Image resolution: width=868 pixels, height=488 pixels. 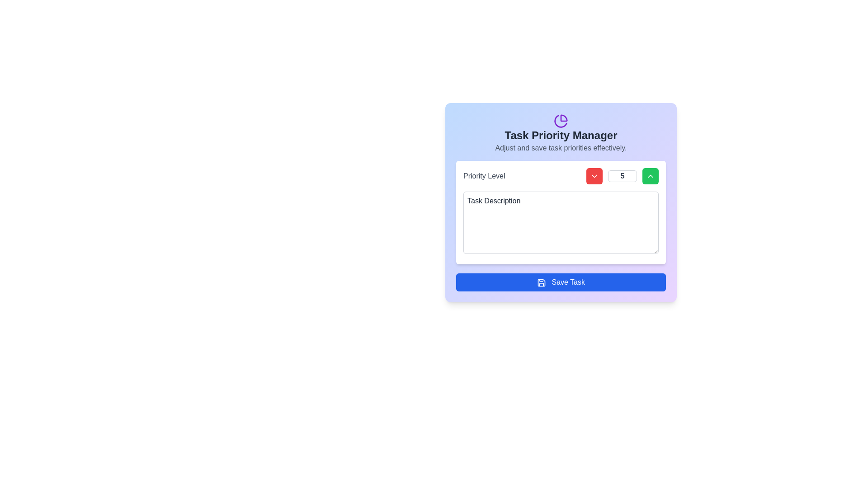 What do you see at coordinates (561, 147) in the screenshot?
I see `the instructional text element located below the 'Task Priority Manager' and above the 'Priority Level' input controls` at bounding box center [561, 147].